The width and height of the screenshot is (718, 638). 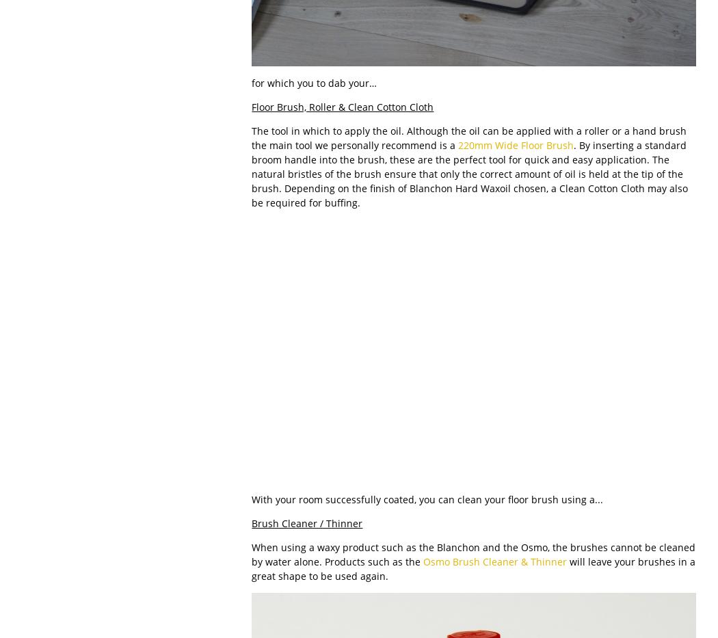 What do you see at coordinates (473, 568) in the screenshot?
I see `'will leave your brushes in a great shape to be used again.'` at bounding box center [473, 568].